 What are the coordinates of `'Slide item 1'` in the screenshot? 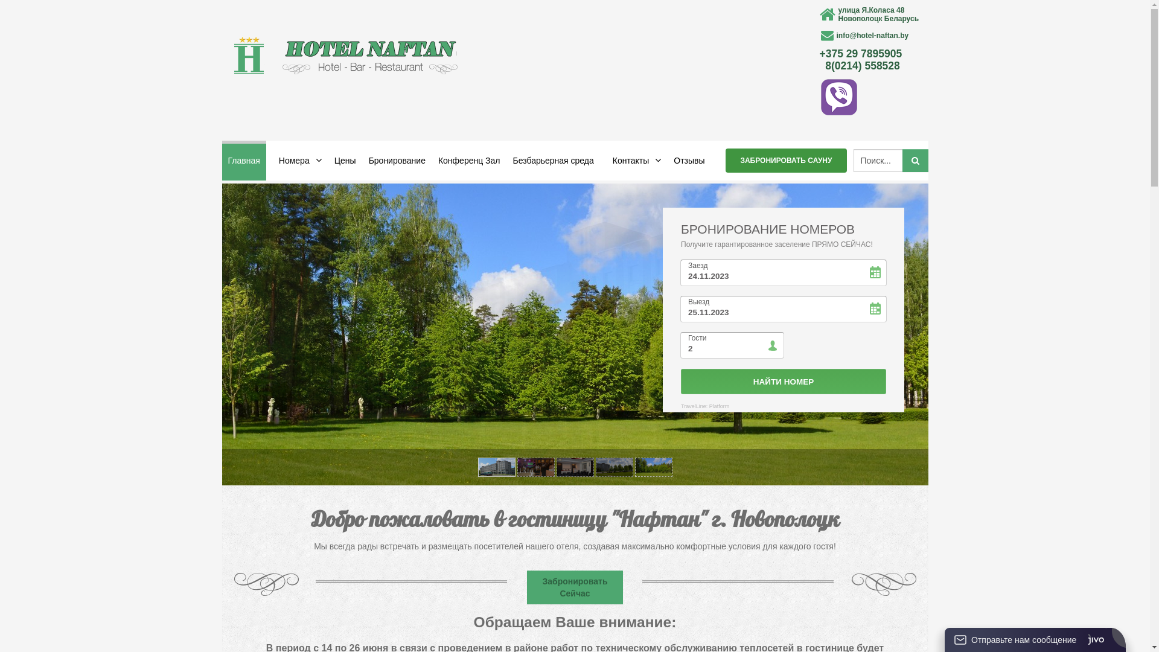 It's located at (496, 467).